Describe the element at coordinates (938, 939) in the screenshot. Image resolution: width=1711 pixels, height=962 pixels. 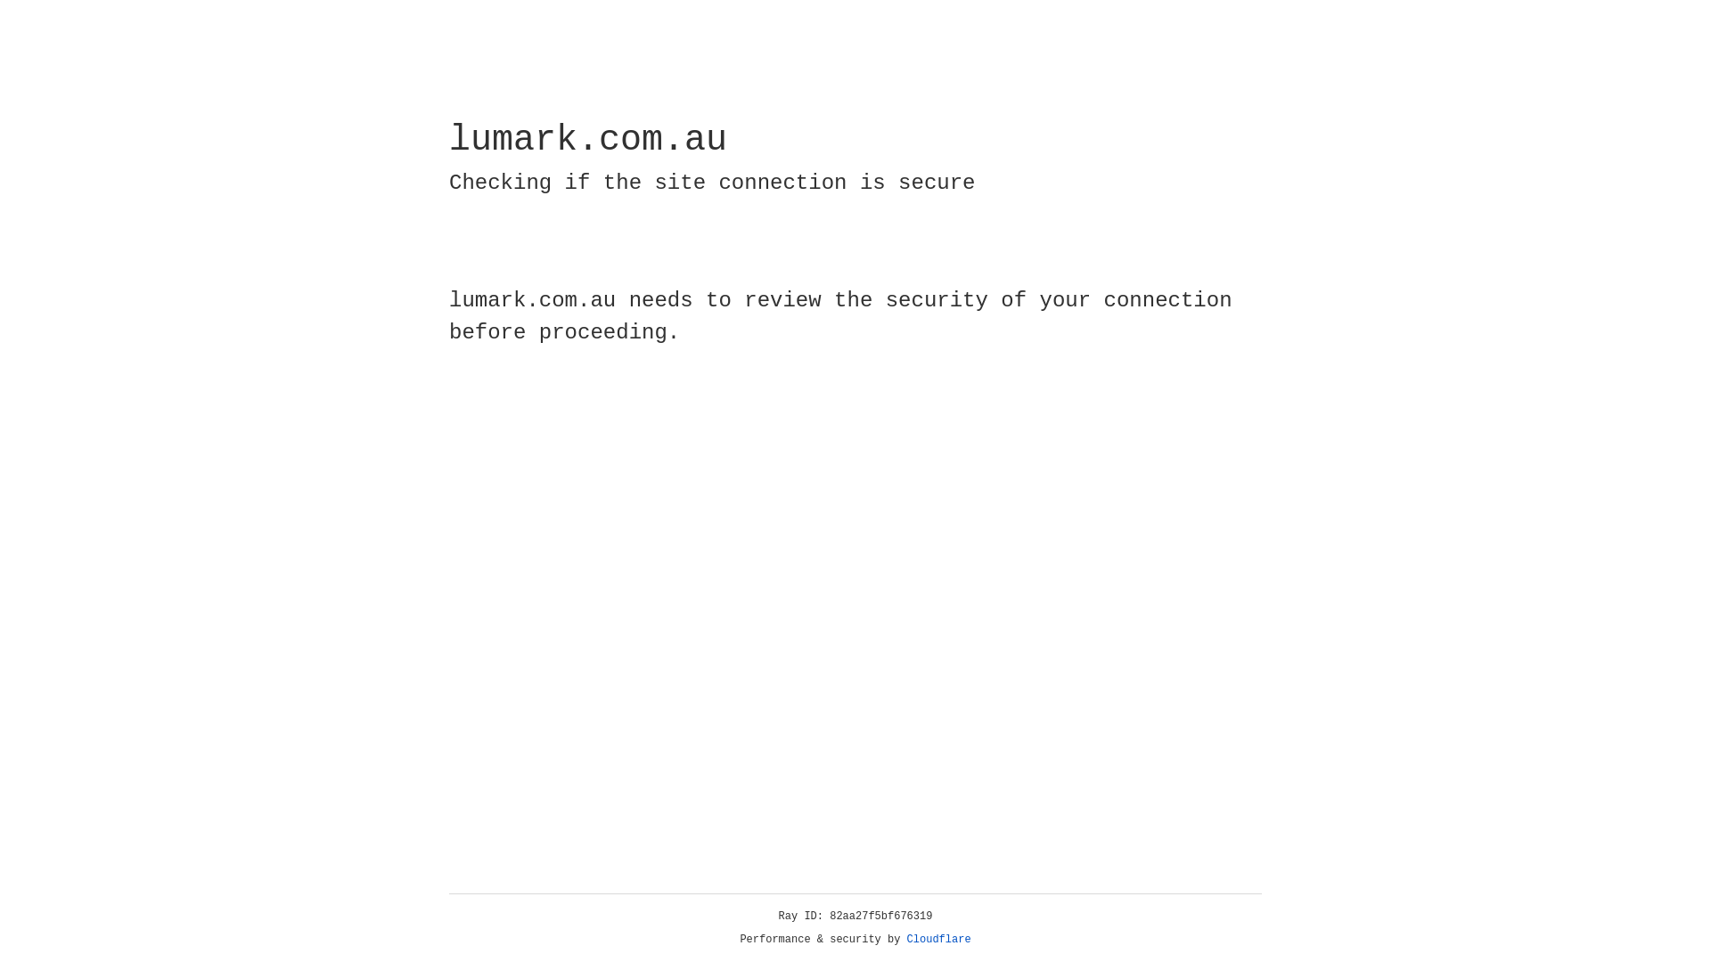
I see `'Cloudflare'` at that location.